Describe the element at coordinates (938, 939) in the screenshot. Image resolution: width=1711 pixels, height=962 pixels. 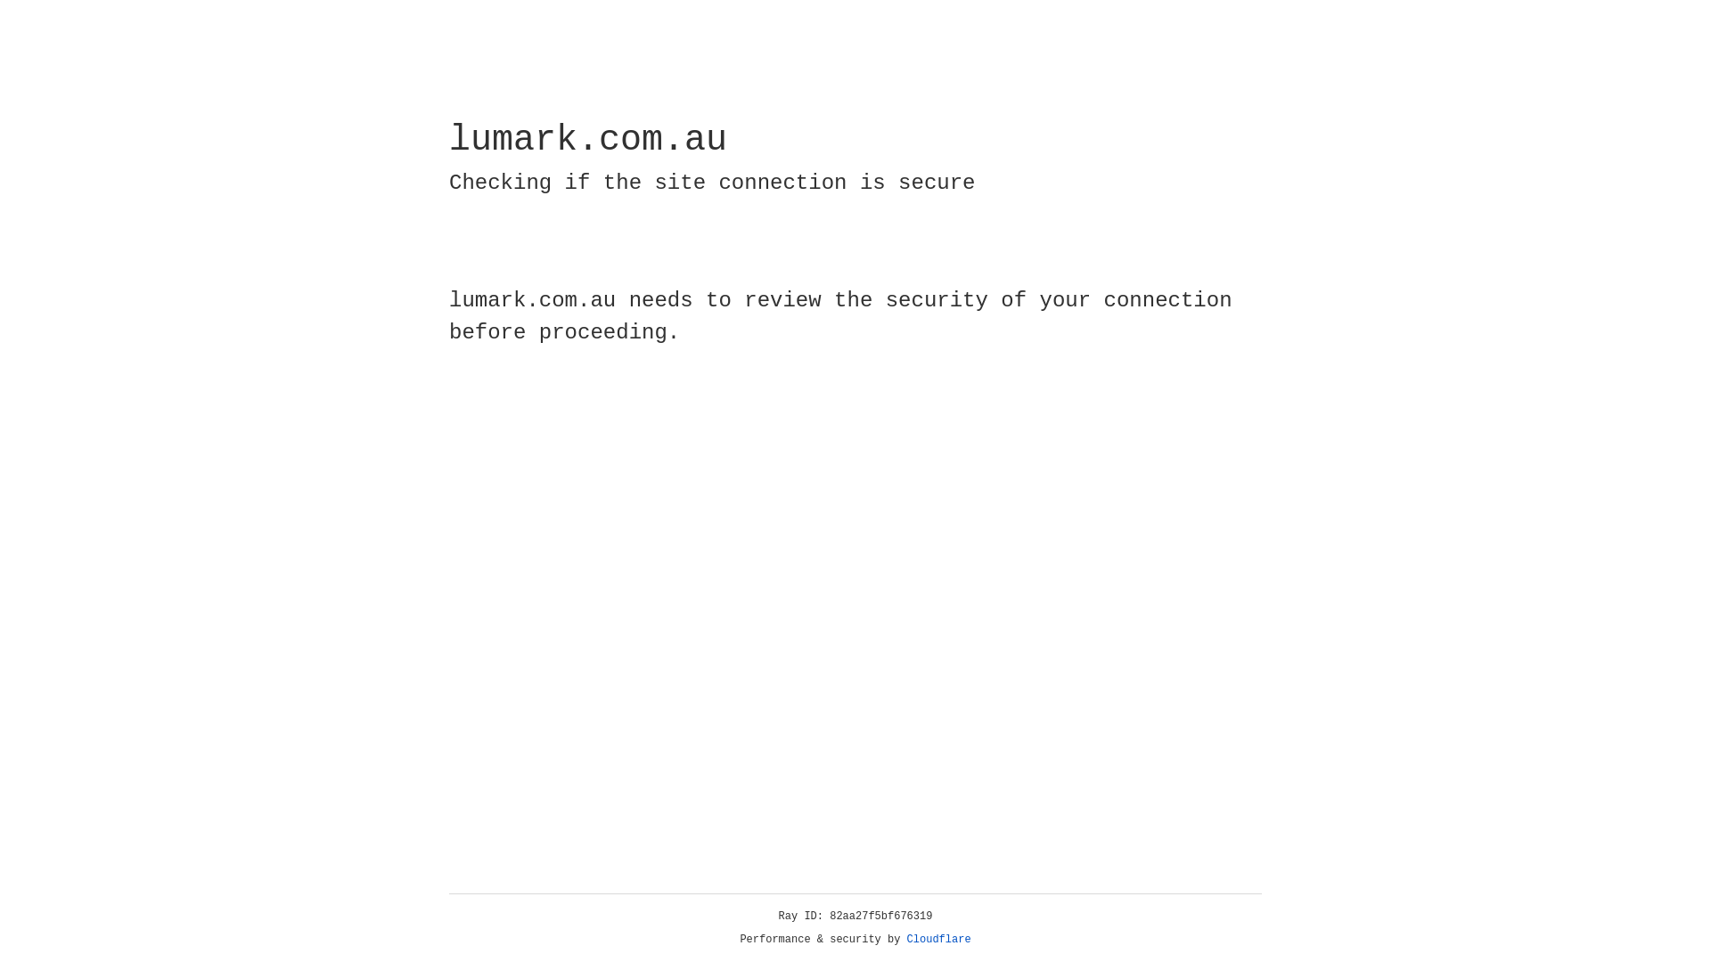
I see `'Cloudflare'` at that location.